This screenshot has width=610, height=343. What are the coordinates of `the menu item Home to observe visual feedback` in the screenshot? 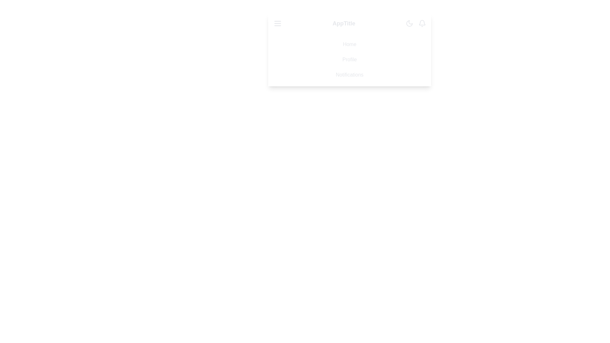 It's located at (349, 44).